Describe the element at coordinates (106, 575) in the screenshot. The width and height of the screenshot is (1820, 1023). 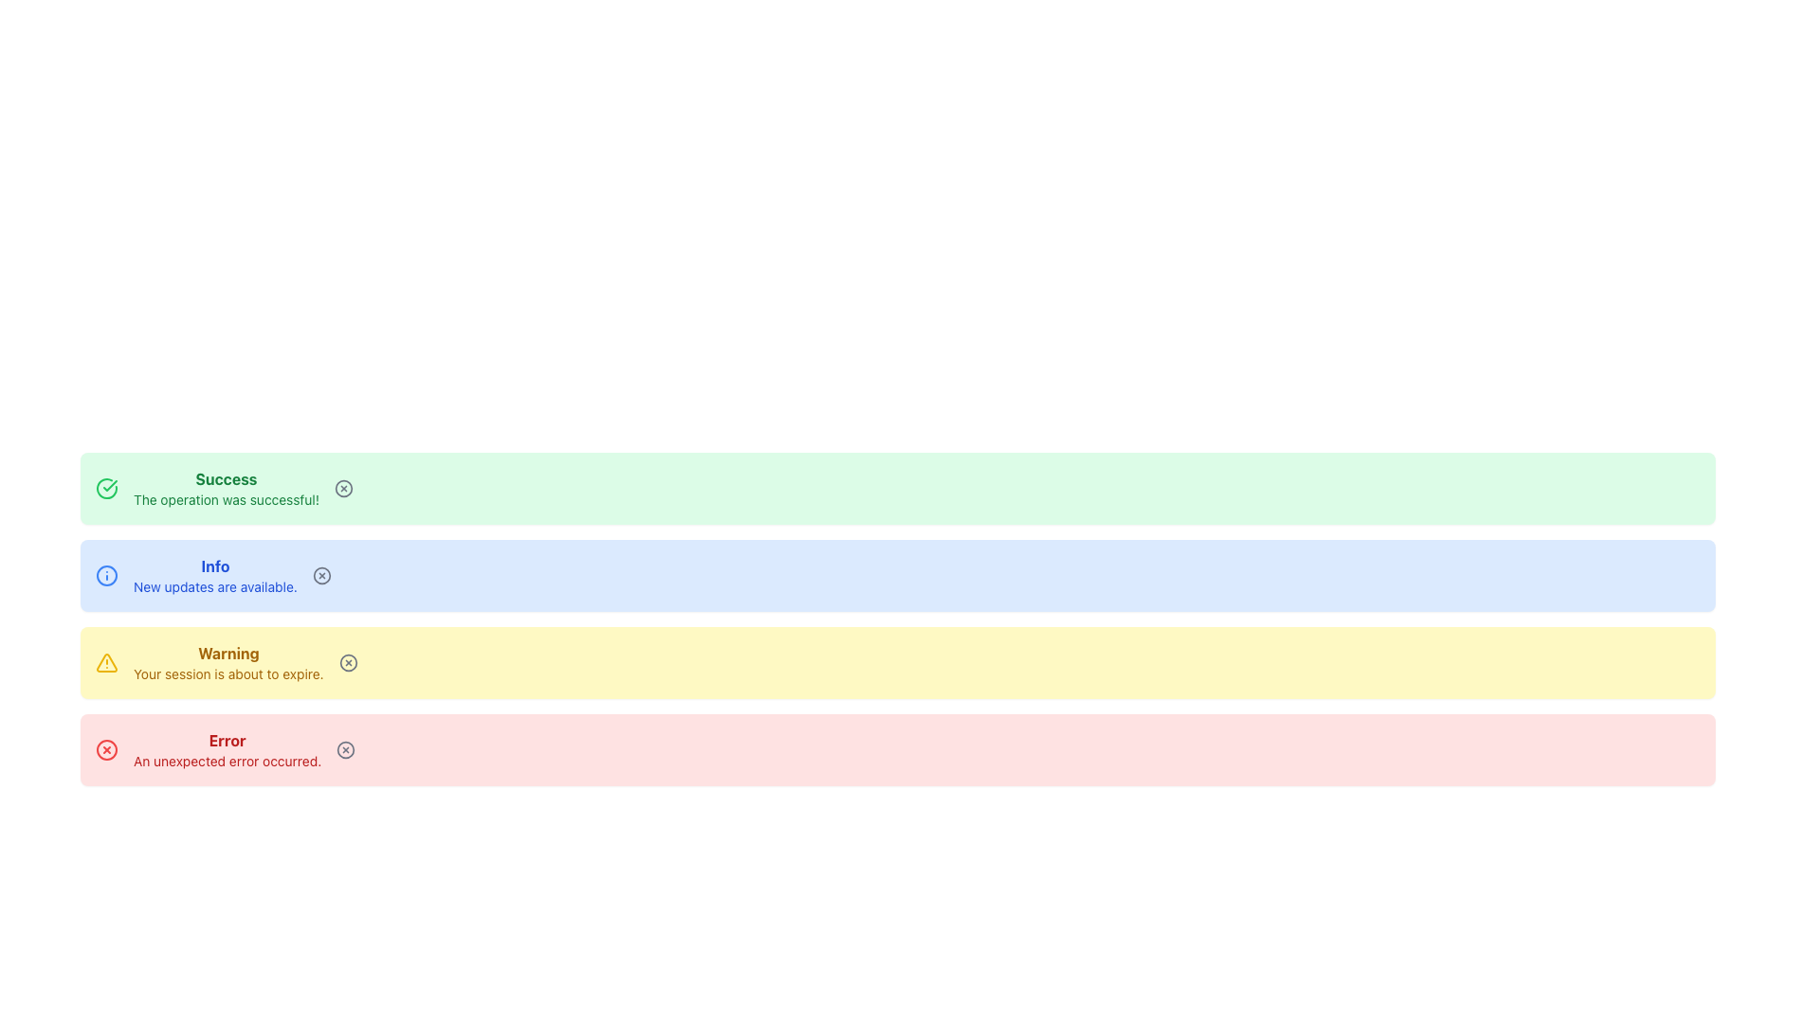
I see `the informational notification icon located on the left side of the 'Info' notification panel, which is second from the top in a vertical stack of notification panels` at that location.